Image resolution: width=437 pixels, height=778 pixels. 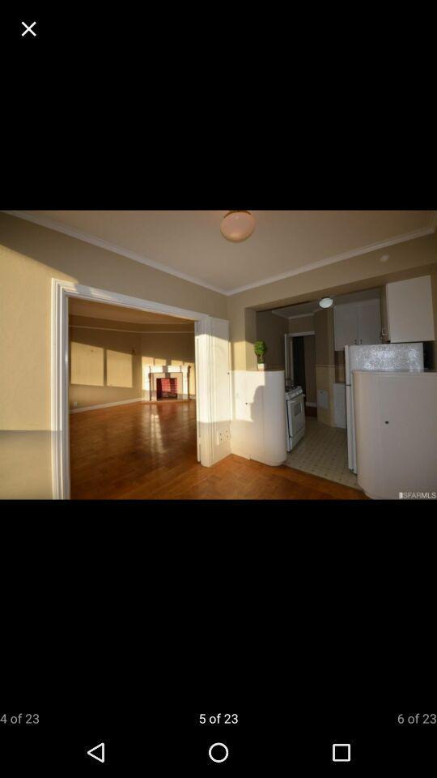 What do you see at coordinates (28, 28) in the screenshot?
I see `exit window` at bounding box center [28, 28].